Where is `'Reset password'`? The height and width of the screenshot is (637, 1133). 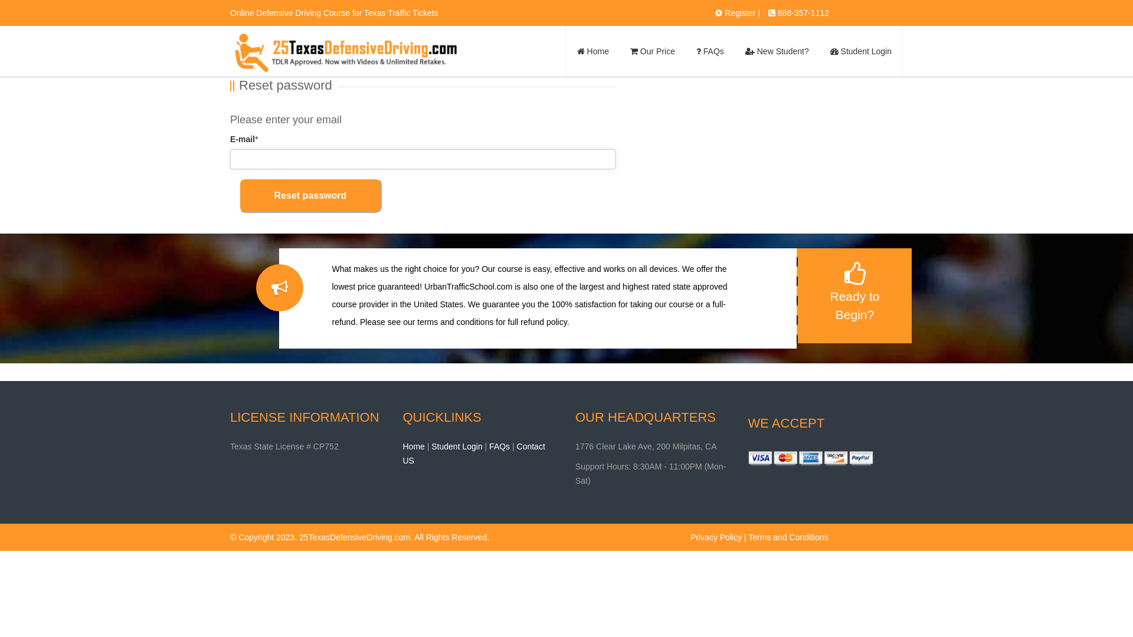 'Reset password' is located at coordinates (310, 195).